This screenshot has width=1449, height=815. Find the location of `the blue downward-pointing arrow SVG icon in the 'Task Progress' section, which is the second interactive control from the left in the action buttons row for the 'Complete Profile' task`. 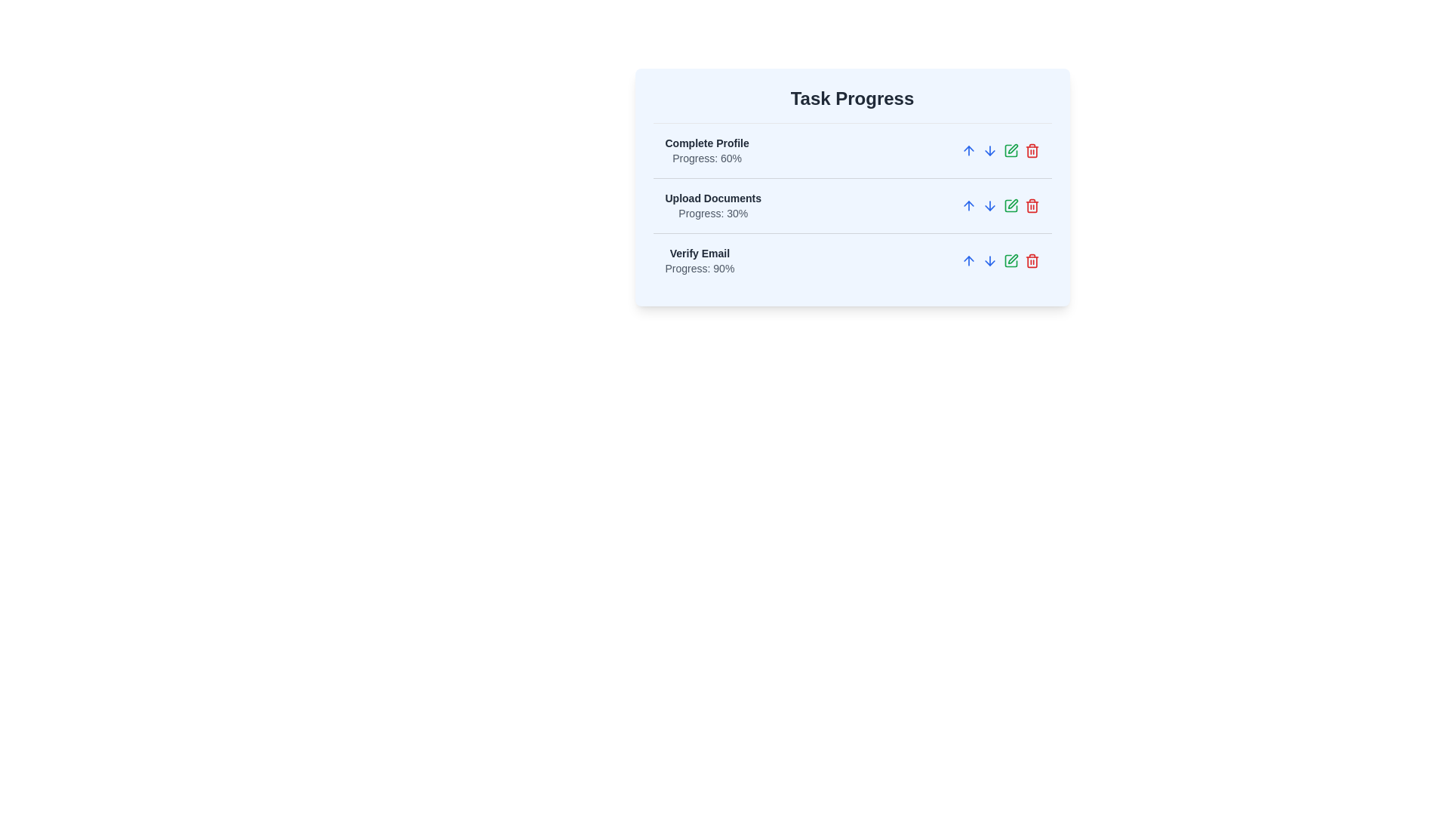

the blue downward-pointing arrow SVG icon in the 'Task Progress' section, which is the second interactive control from the left in the action buttons row for the 'Complete Profile' task is located at coordinates (989, 151).